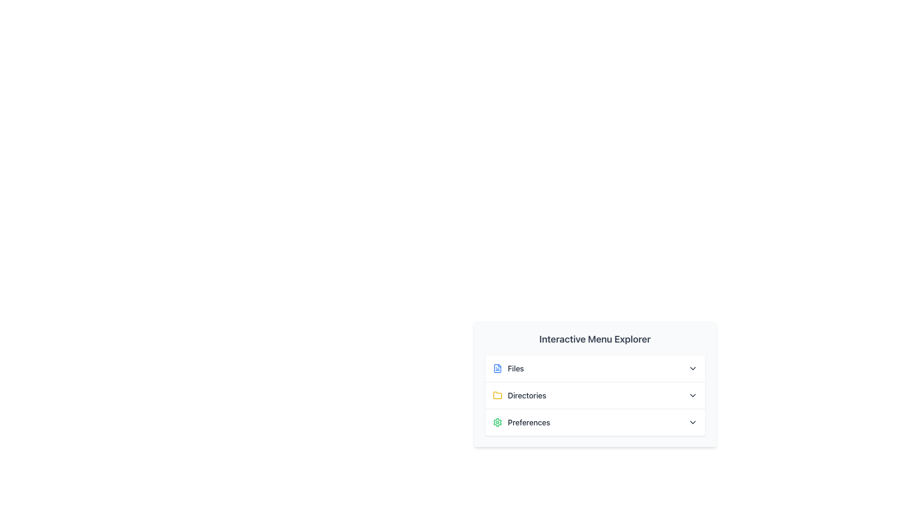  What do you see at coordinates (594, 422) in the screenshot?
I see `the third entry in the vertically stacked list of the card-like UI component` at bounding box center [594, 422].